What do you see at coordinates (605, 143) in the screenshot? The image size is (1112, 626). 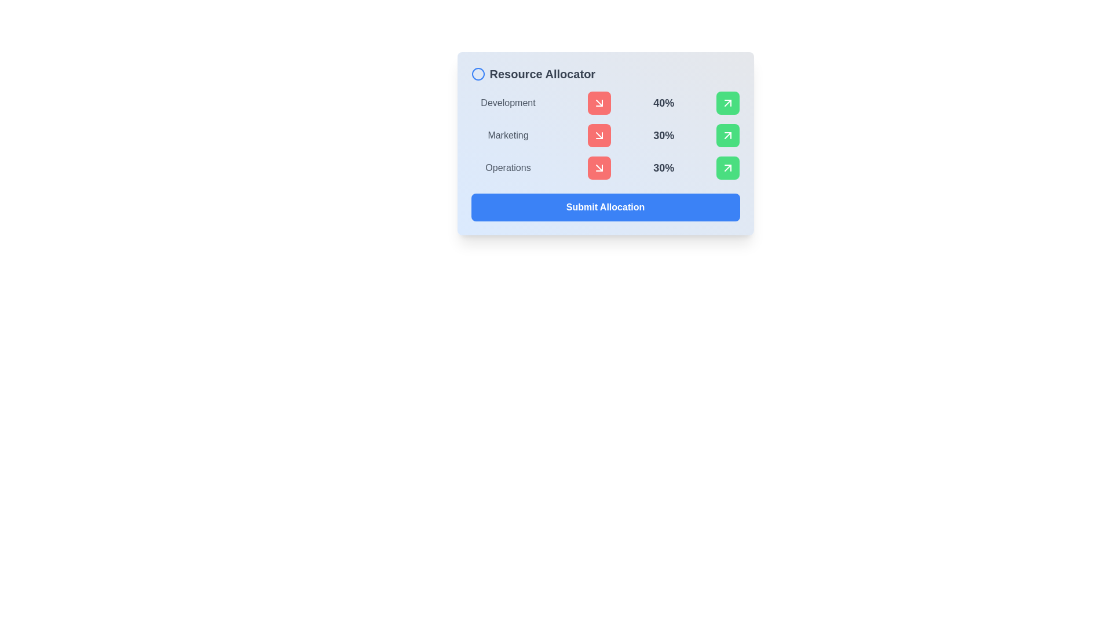 I see `the 'Marketing' button in the Resource Allocator panel` at bounding box center [605, 143].